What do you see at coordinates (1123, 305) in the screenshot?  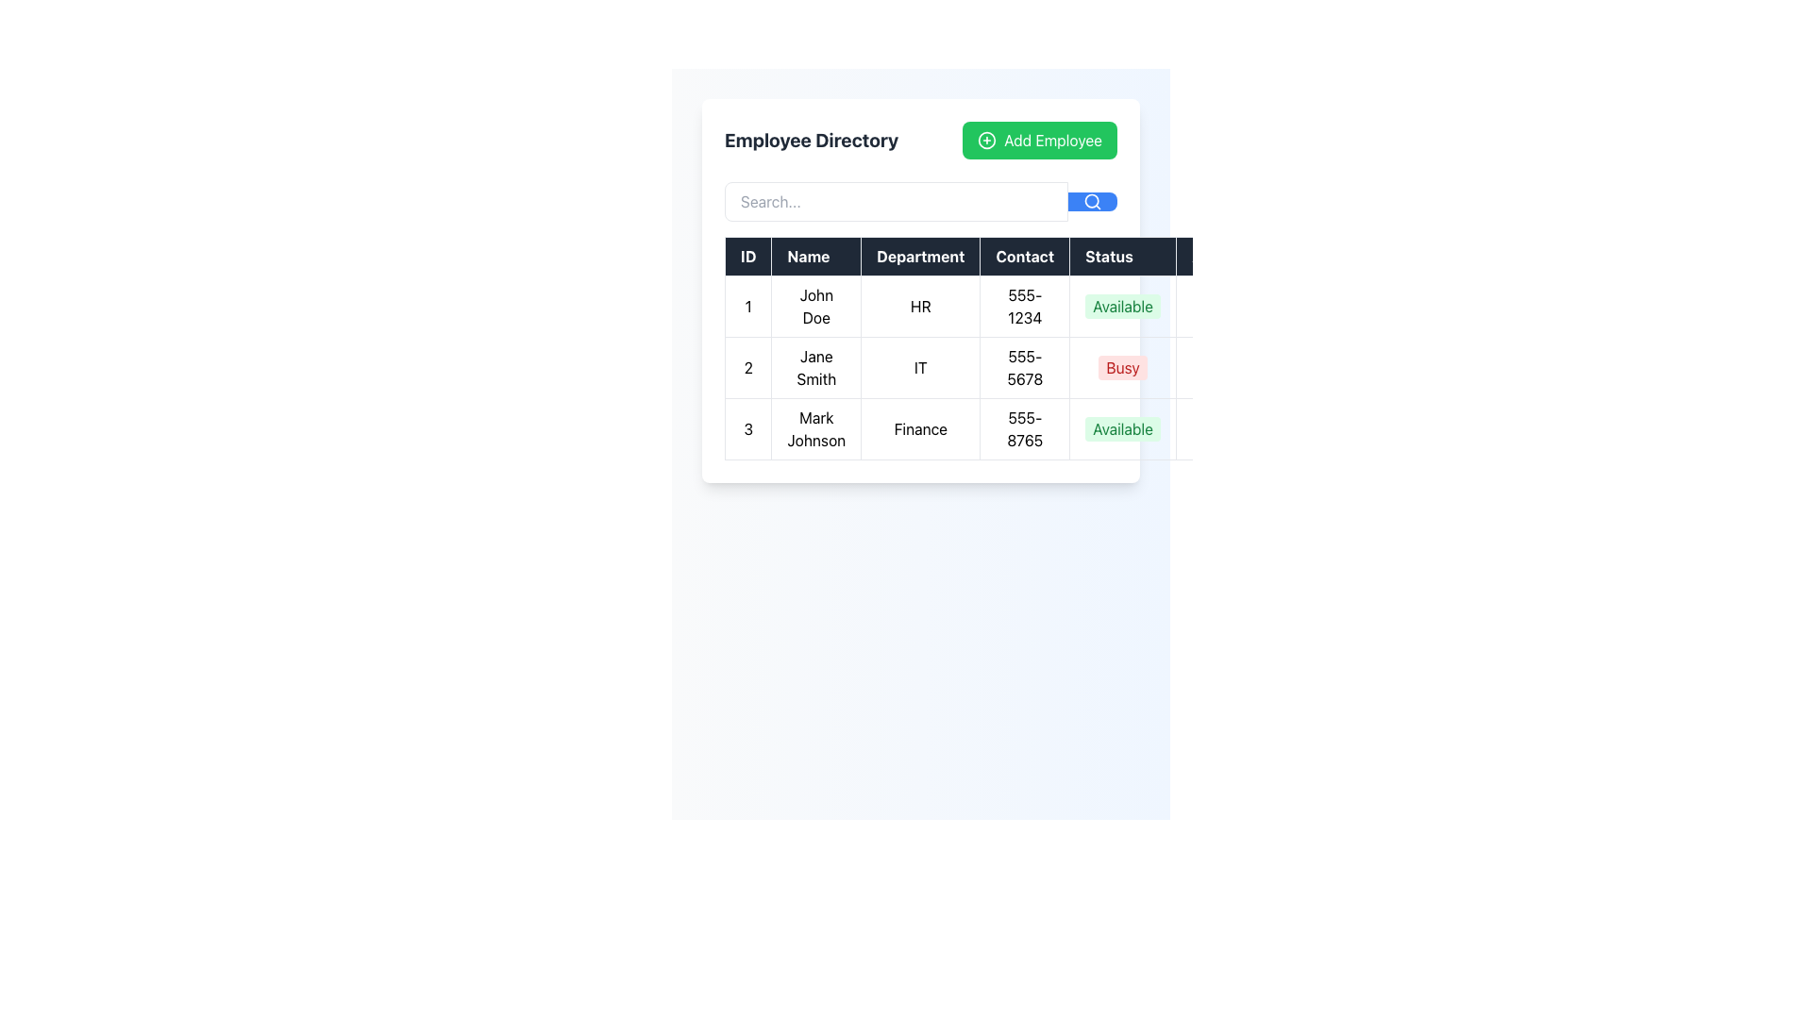 I see `the Text Indicator labeled 'Available', which is a light green rectangular status indicator in the rightmost column of the table under the 'Status' header` at bounding box center [1123, 305].